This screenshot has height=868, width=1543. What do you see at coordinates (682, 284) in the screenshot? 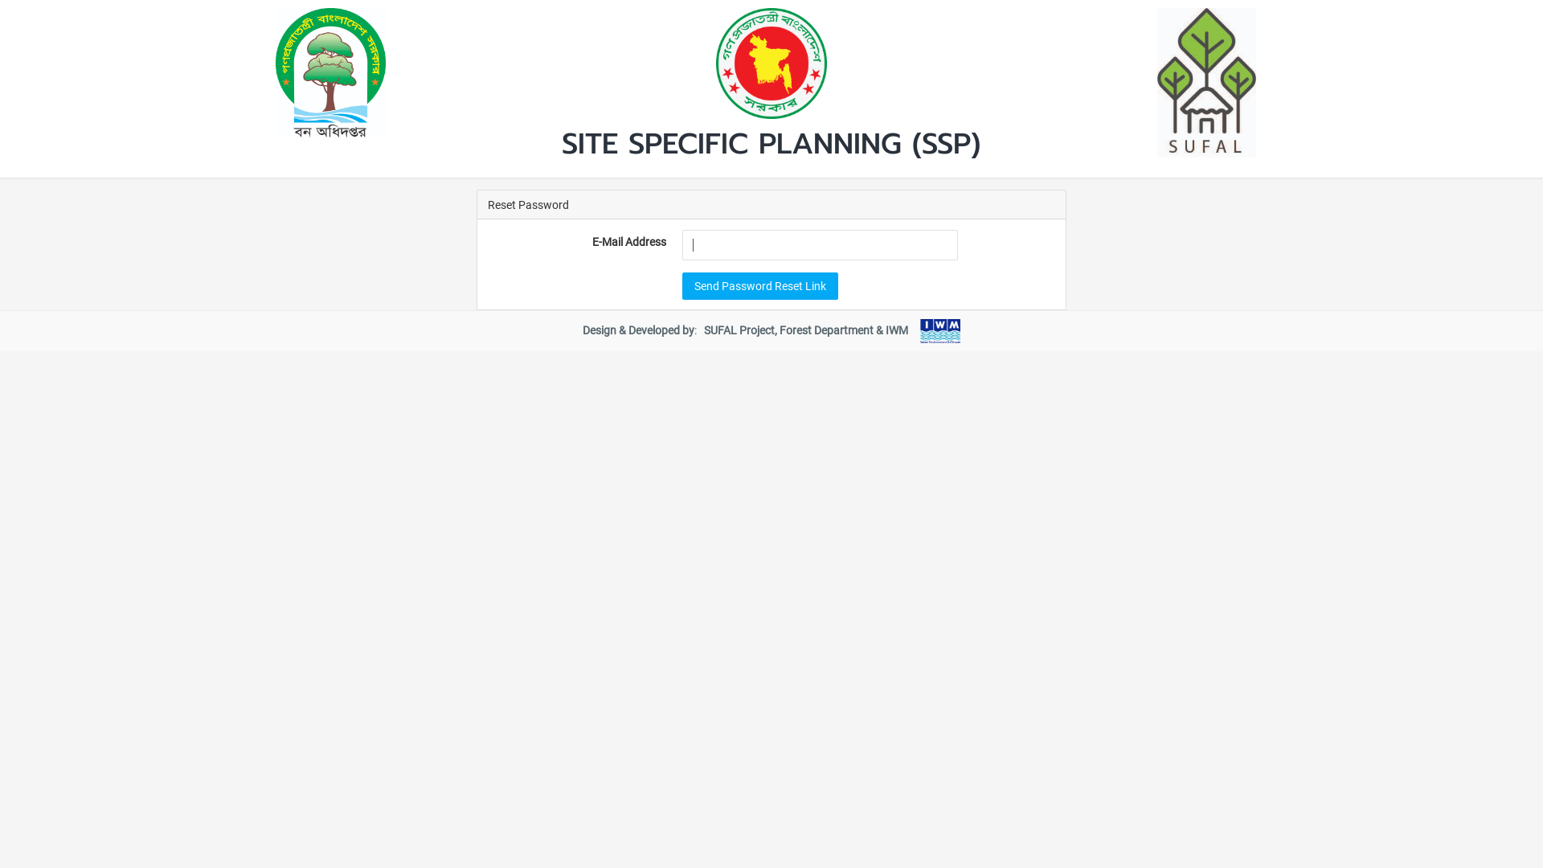
I see `'Send Password Reset Link'` at bounding box center [682, 284].